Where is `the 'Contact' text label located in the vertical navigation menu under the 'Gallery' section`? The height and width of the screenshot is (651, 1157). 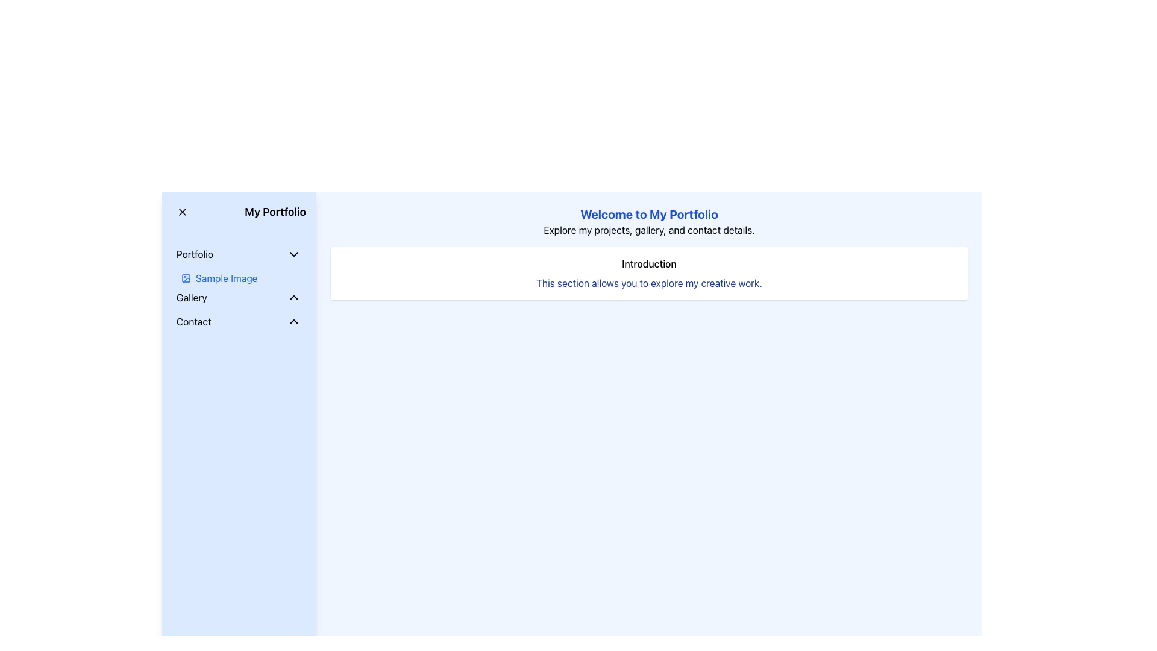
the 'Contact' text label located in the vertical navigation menu under the 'Gallery' section is located at coordinates (193, 321).